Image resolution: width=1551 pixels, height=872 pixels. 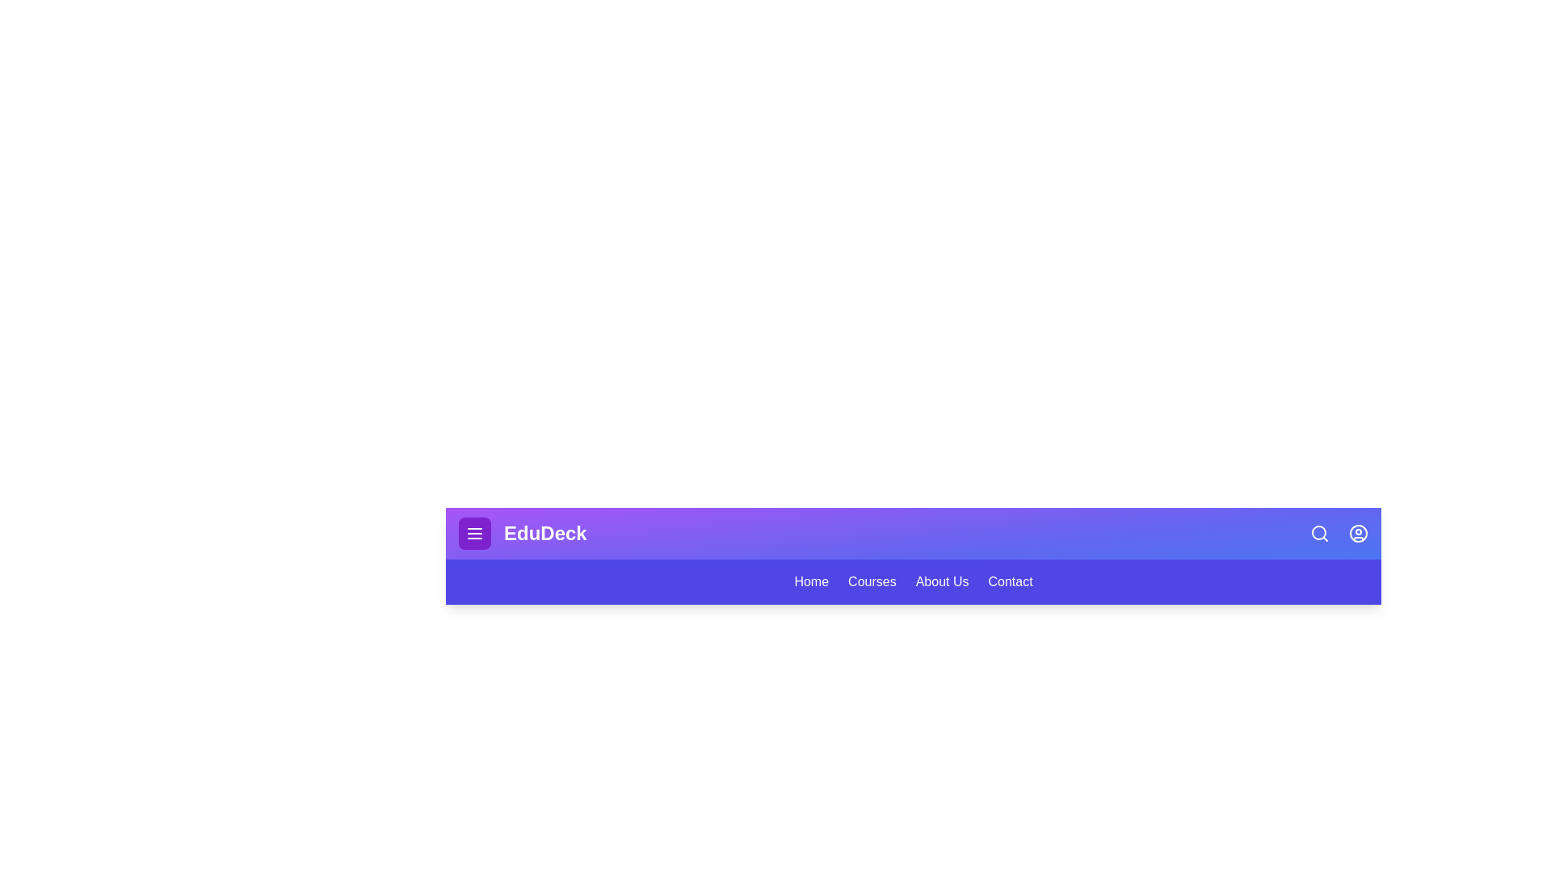 I want to click on the menu item labeled About Us to navigate to the corresponding section, so click(x=942, y=582).